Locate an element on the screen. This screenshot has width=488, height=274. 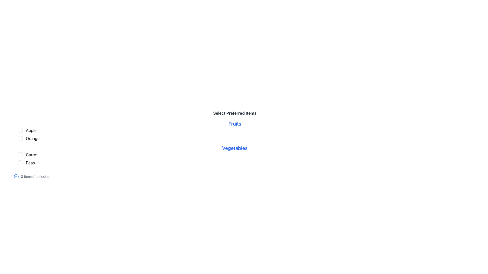
the text label 'Apple' which is the first item in a vertical list of options is located at coordinates (31, 130).